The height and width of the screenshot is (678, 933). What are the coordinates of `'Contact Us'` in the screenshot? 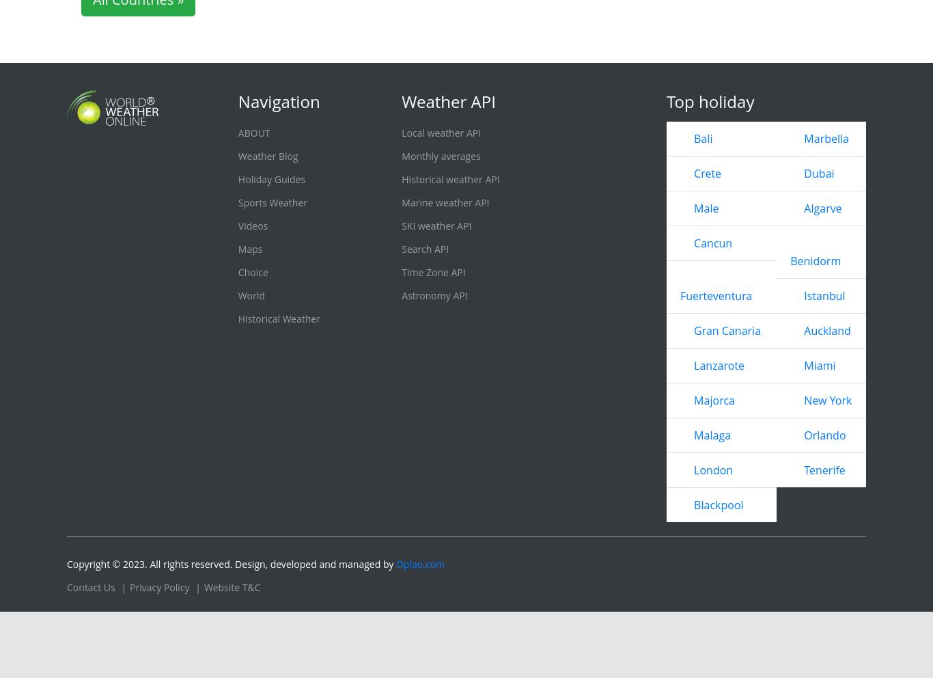 It's located at (90, 586).